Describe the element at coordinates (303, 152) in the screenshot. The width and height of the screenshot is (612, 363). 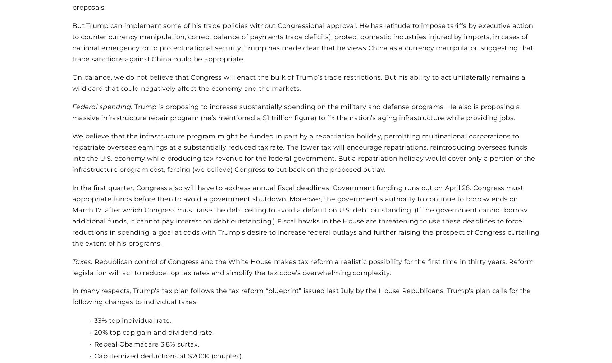
I see `'We believe that the infrastructure program might be funded in part by a repatriation holiday, permitting multinational corporations to repatriate overseas earnings at a substantially reduced tax rate. The lower tax will encourage repatriations, reintroducing overseas funds into the U.S. economy while producing tax revenue for the federal government. But a repatriation holiday would cover only a portion of the infrastructure program cost, forcing (we believe) Congress to cut back on the proposed outlay.'` at that location.